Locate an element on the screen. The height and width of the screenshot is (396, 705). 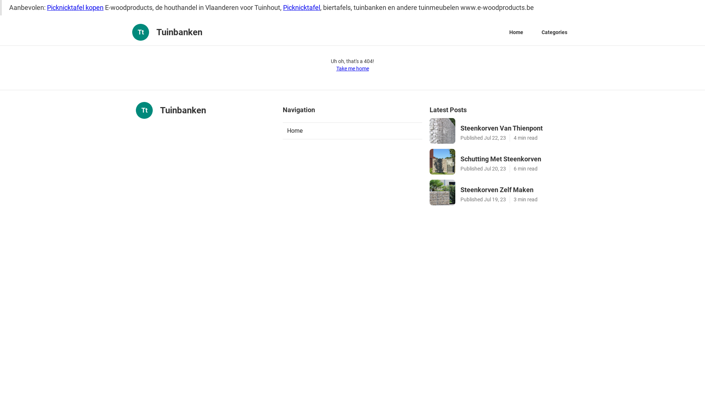
'Home' is located at coordinates (503, 32).